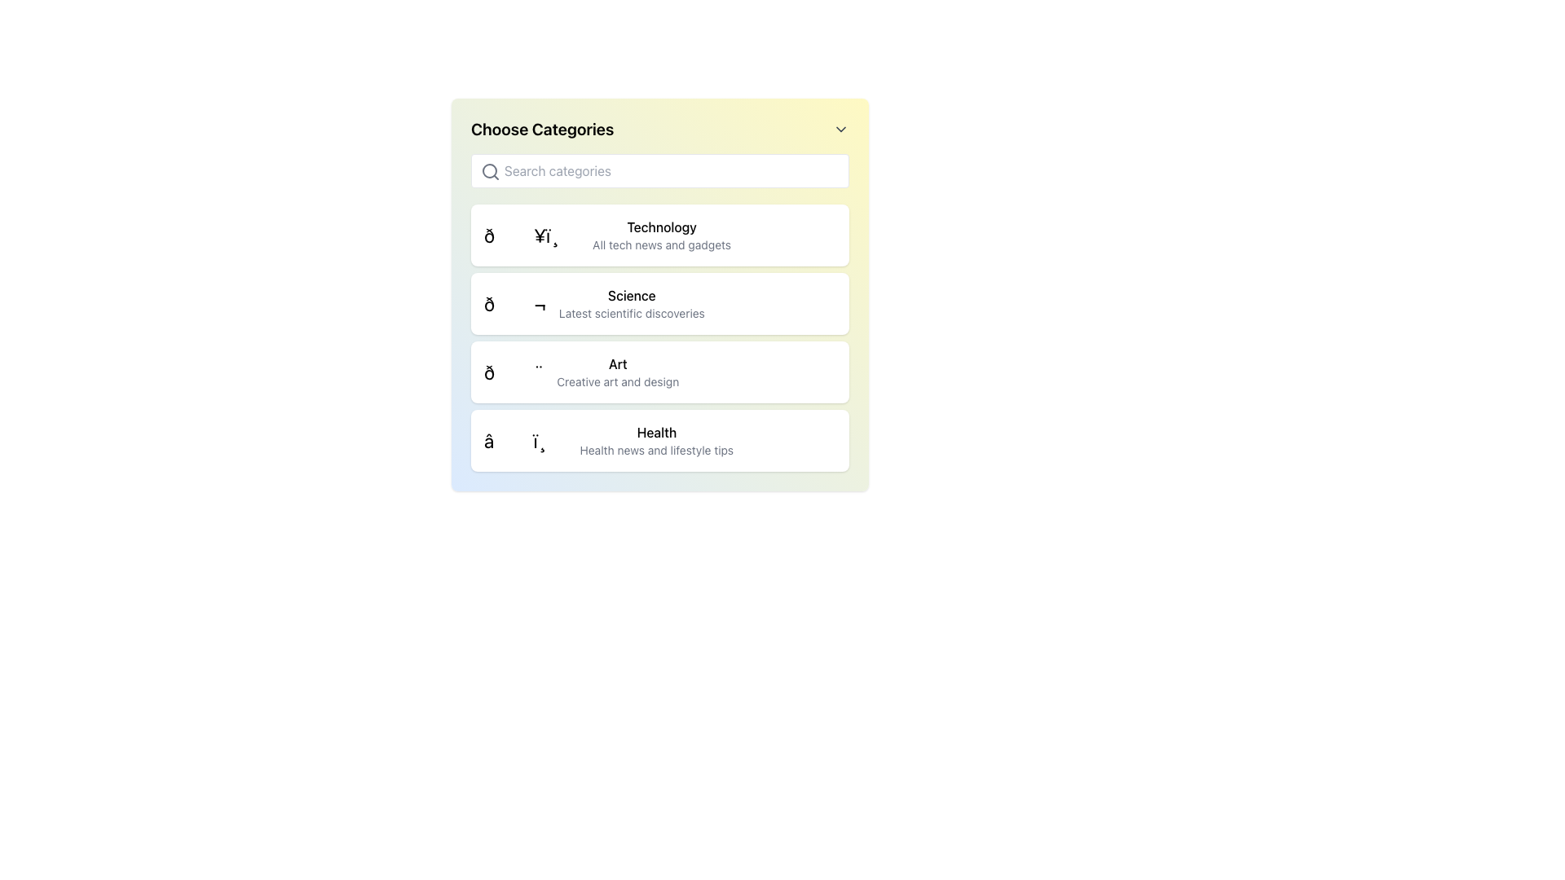 Image resolution: width=1565 pixels, height=880 pixels. Describe the element at coordinates (660, 440) in the screenshot. I see `the 'Health' category button located in the vertically stacked menu list` at that location.